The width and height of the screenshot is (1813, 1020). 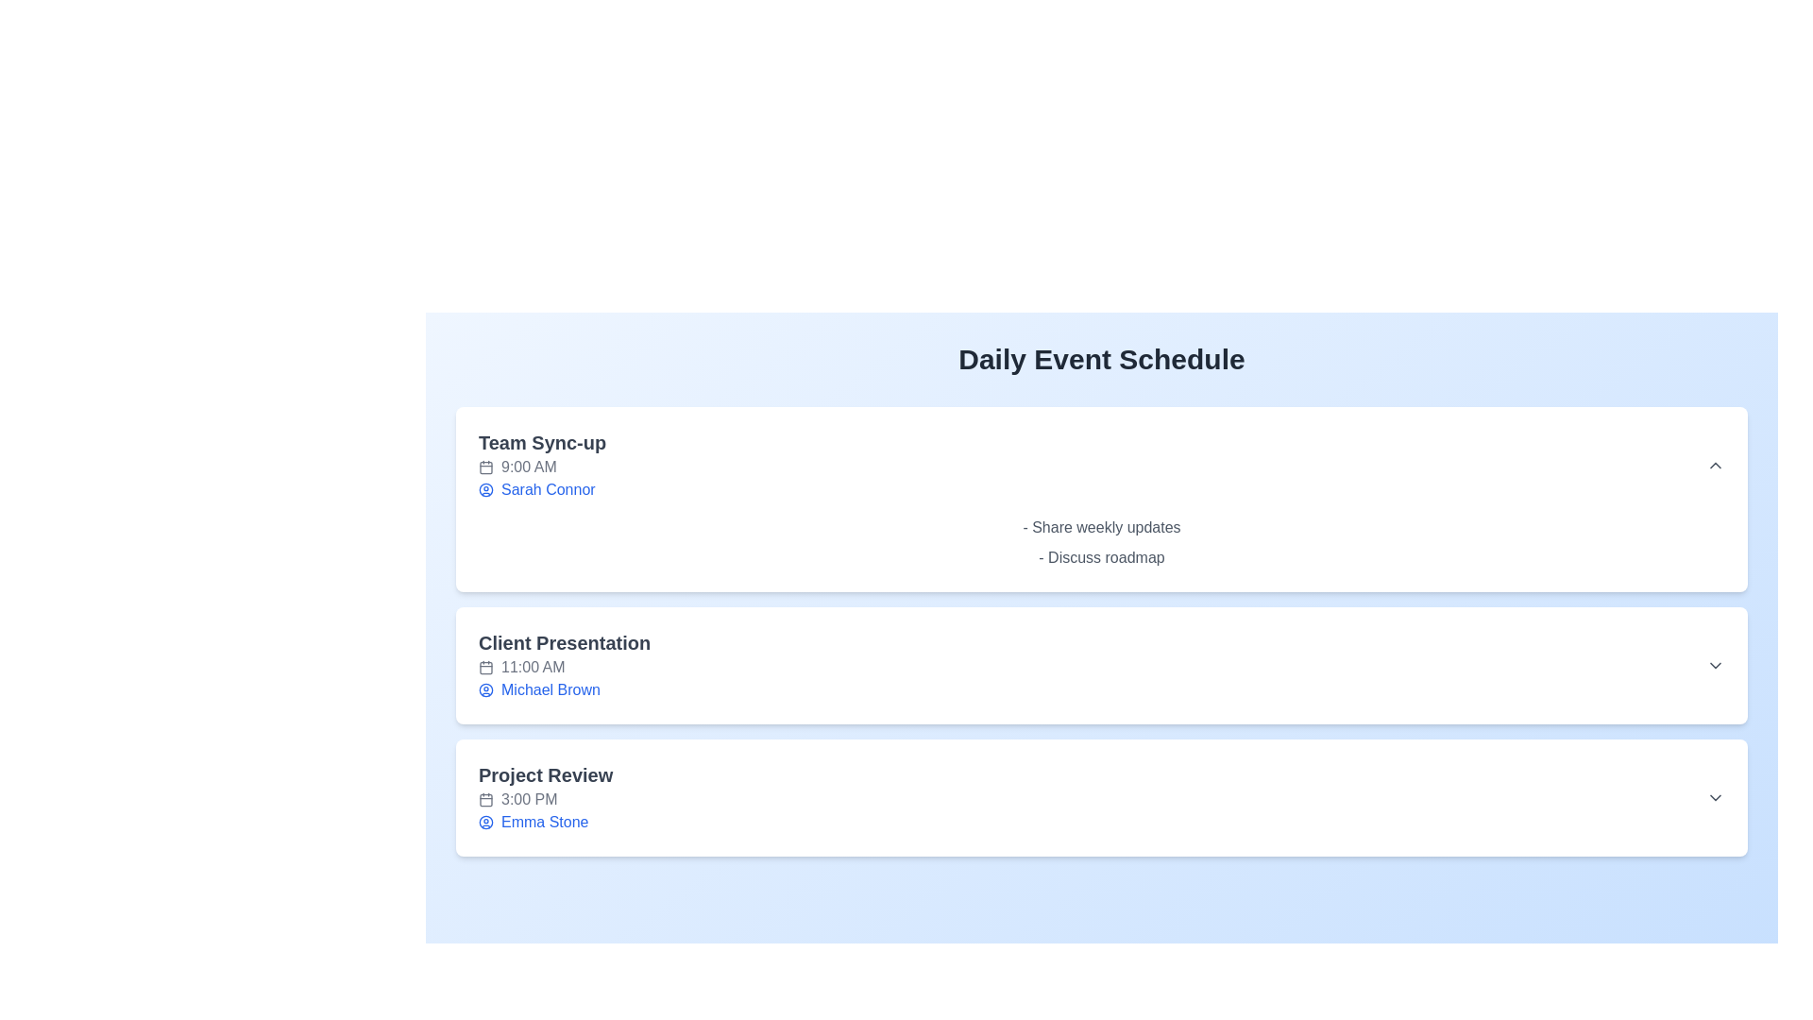 I want to click on displayed time '11:00 AM' from the text label within the 'Client Presentation' card, which is aligned with a calendar icon on its left, so click(x=532, y=666).